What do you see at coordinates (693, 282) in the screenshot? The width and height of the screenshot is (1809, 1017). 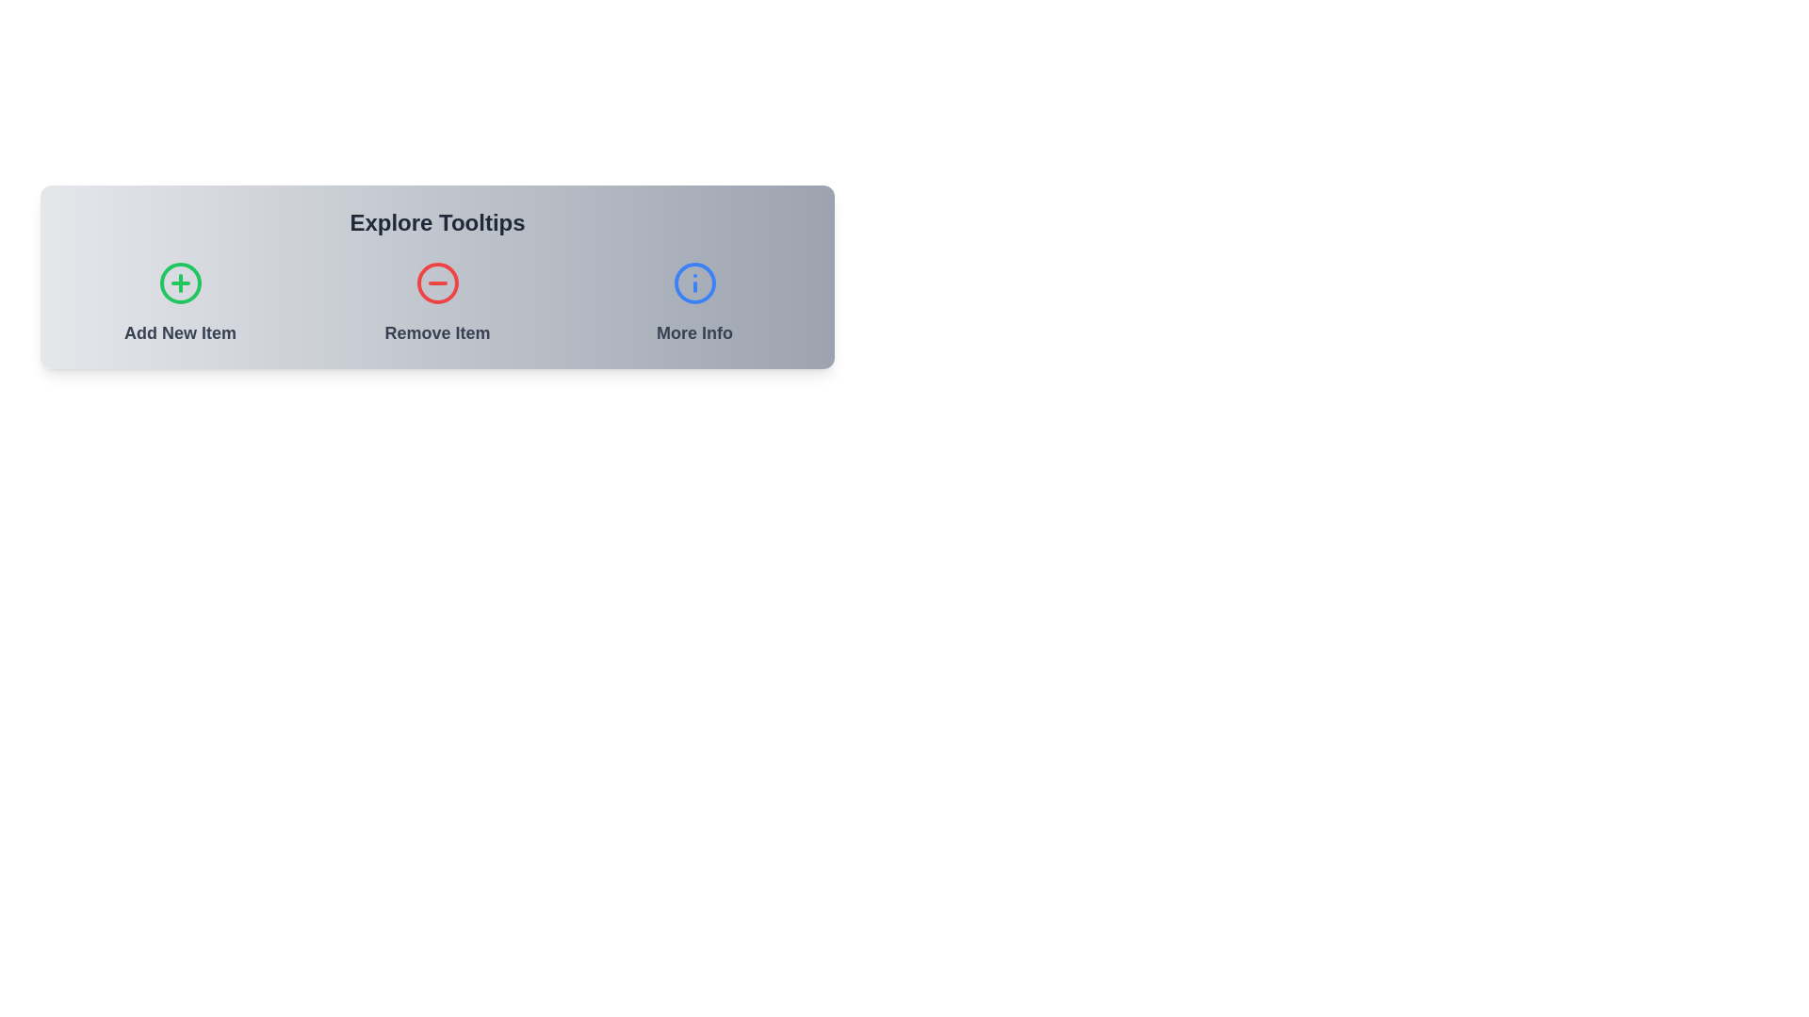 I see `the circular blue outlined icon with a lowercase 'i'` at bounding box center [693, 282].